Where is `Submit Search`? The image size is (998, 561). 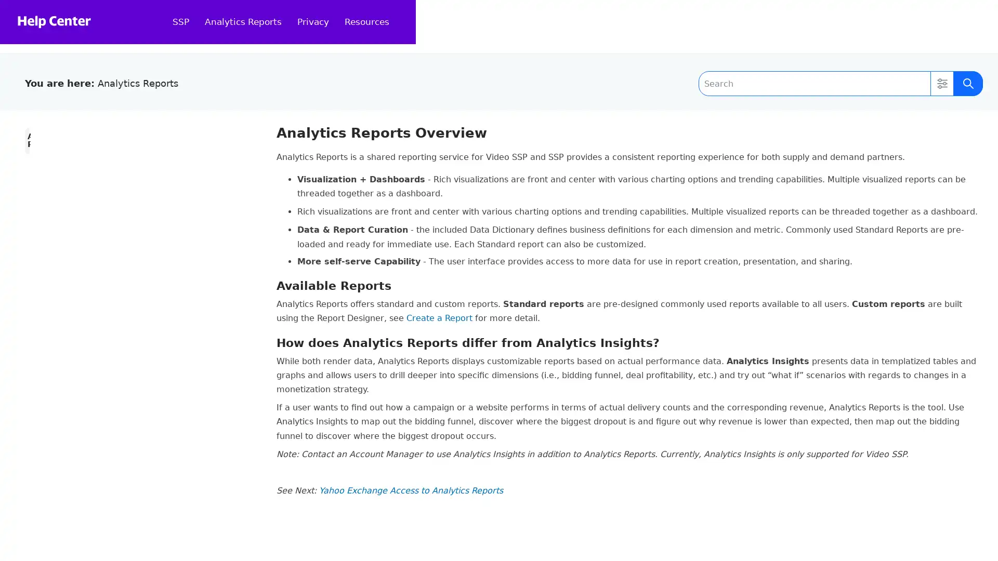 Submit Search is located at coordinates (967, 74).